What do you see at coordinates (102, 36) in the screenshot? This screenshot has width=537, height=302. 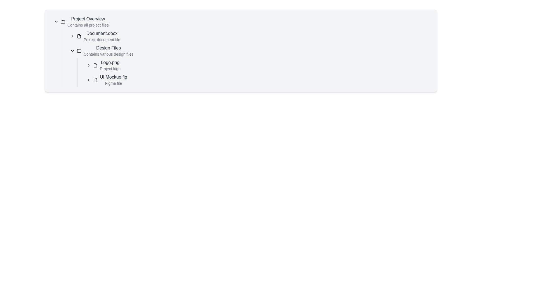 I see `the File listing text label for the document named 'Document.docx', which is the second listing in the 'Project Overview' section` at bounding box center [102, 36].